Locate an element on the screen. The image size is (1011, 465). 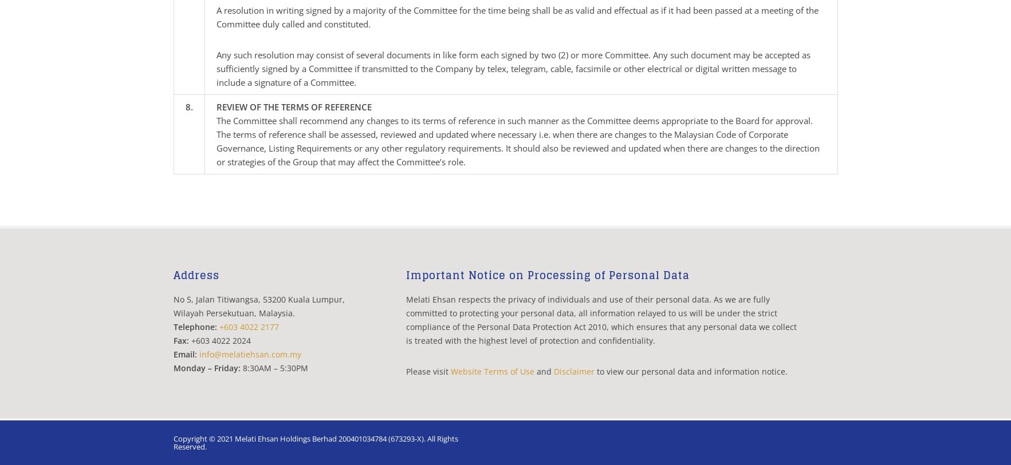
'No 5, Jalan Titiwangsa, 53200 Kuala Lumpur,' is located at coordinates (258, 299).